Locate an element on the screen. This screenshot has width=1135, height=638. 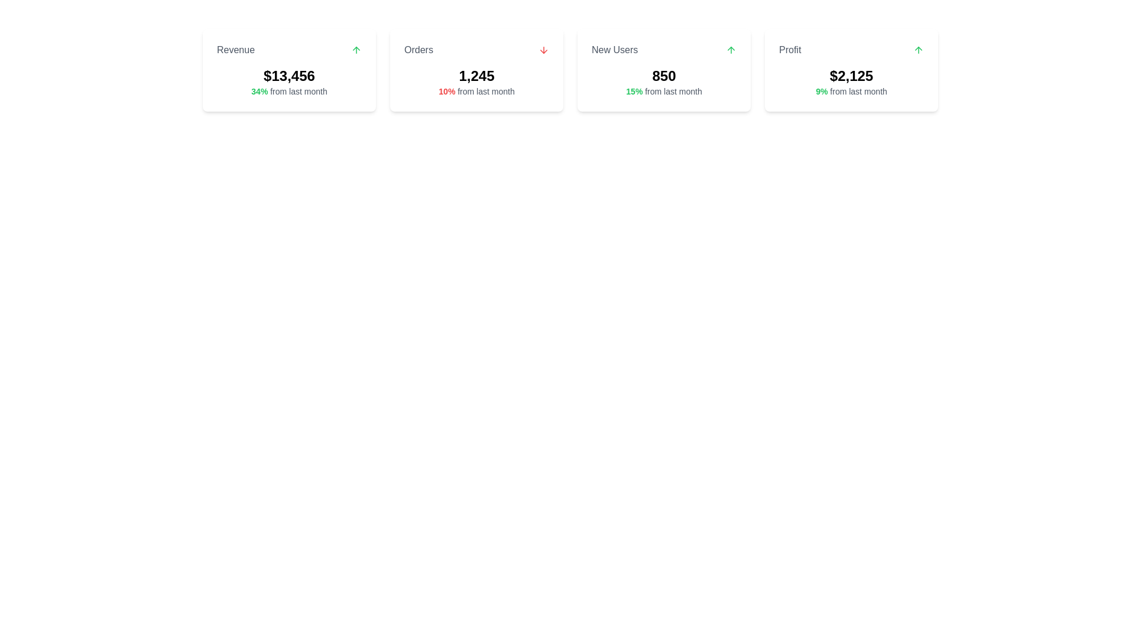
the visual indication of the upward-pointing arrow icon with a green outline located in the 'New Users' section card at the top-right corner adjacent to the user count display is located at coordinates (731, 49).